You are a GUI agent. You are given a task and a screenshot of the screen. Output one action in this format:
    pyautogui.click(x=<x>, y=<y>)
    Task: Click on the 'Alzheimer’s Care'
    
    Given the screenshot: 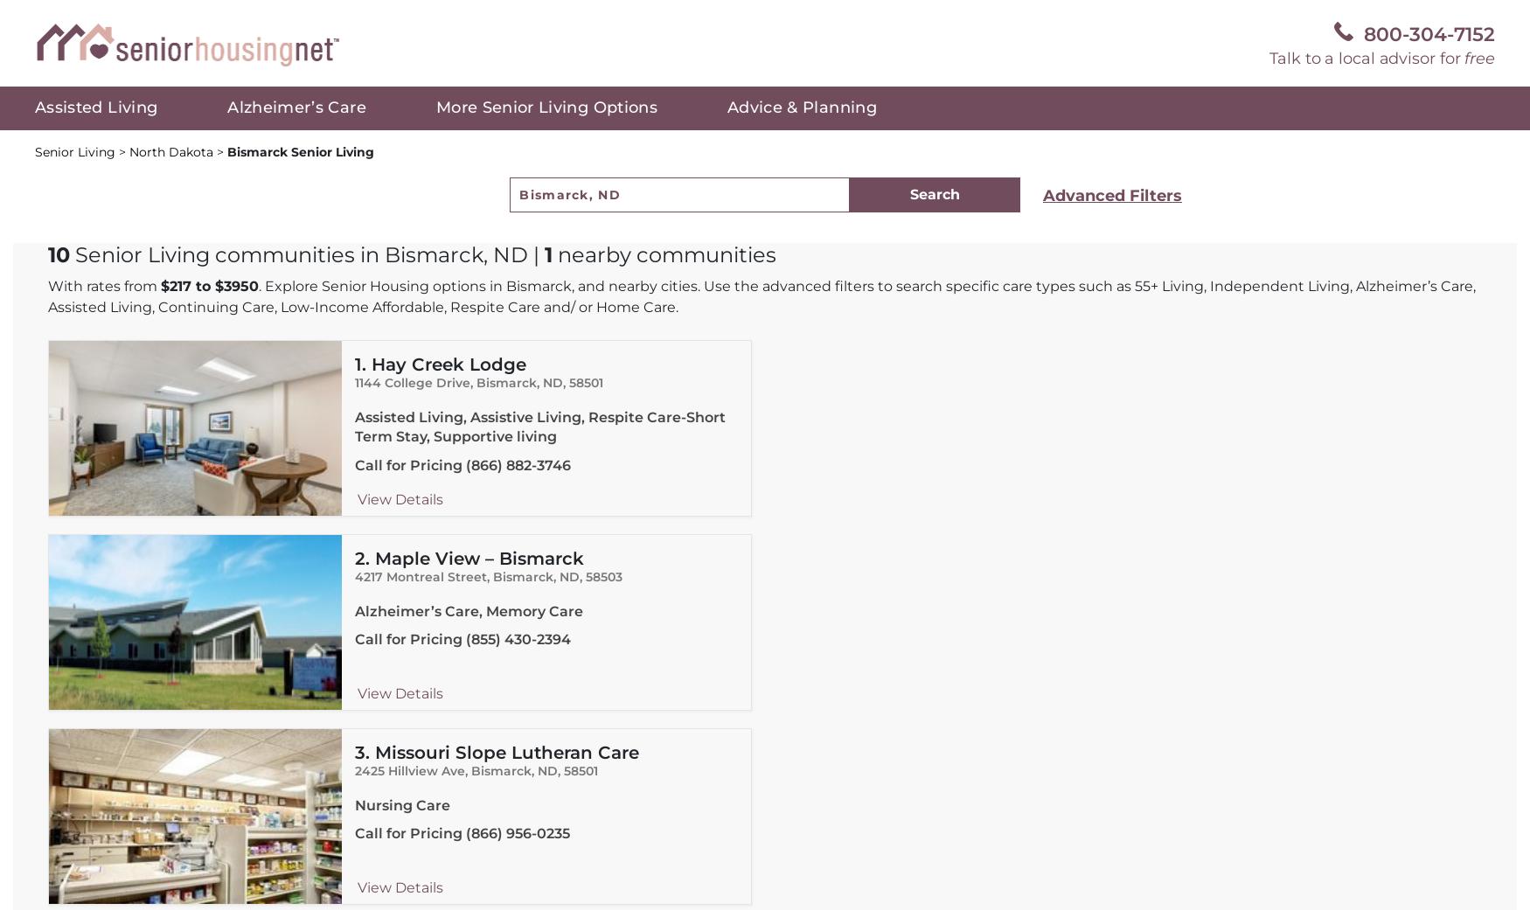 What is the action you would take?
    pyautogui.click(x=296, y=108)
    